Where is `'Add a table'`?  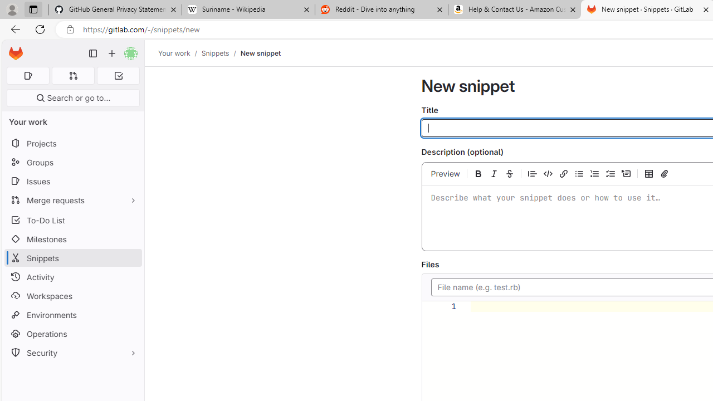 'Add a table' is located at coordinates (649, 173).